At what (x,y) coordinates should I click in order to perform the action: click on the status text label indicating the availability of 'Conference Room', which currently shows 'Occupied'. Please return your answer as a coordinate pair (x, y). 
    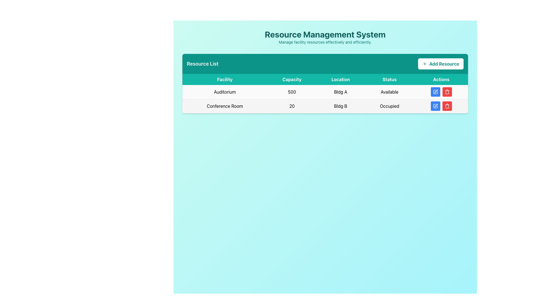
    Looking at the image, I should click on (389, 106).